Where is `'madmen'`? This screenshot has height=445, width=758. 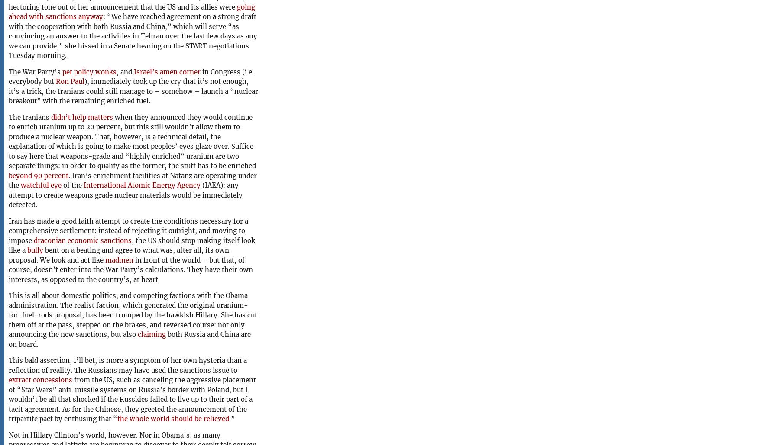 'madmen' is located at coordinates (119, 259).